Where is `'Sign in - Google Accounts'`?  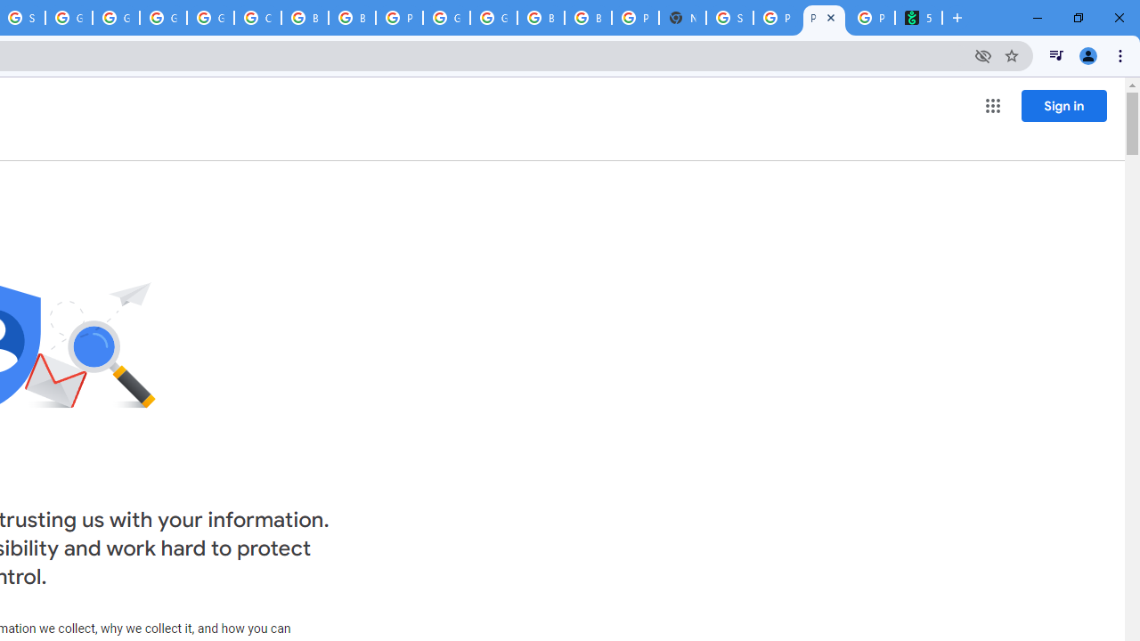 'Sign in - Google Accounts' is located at coordinates (729, 18).